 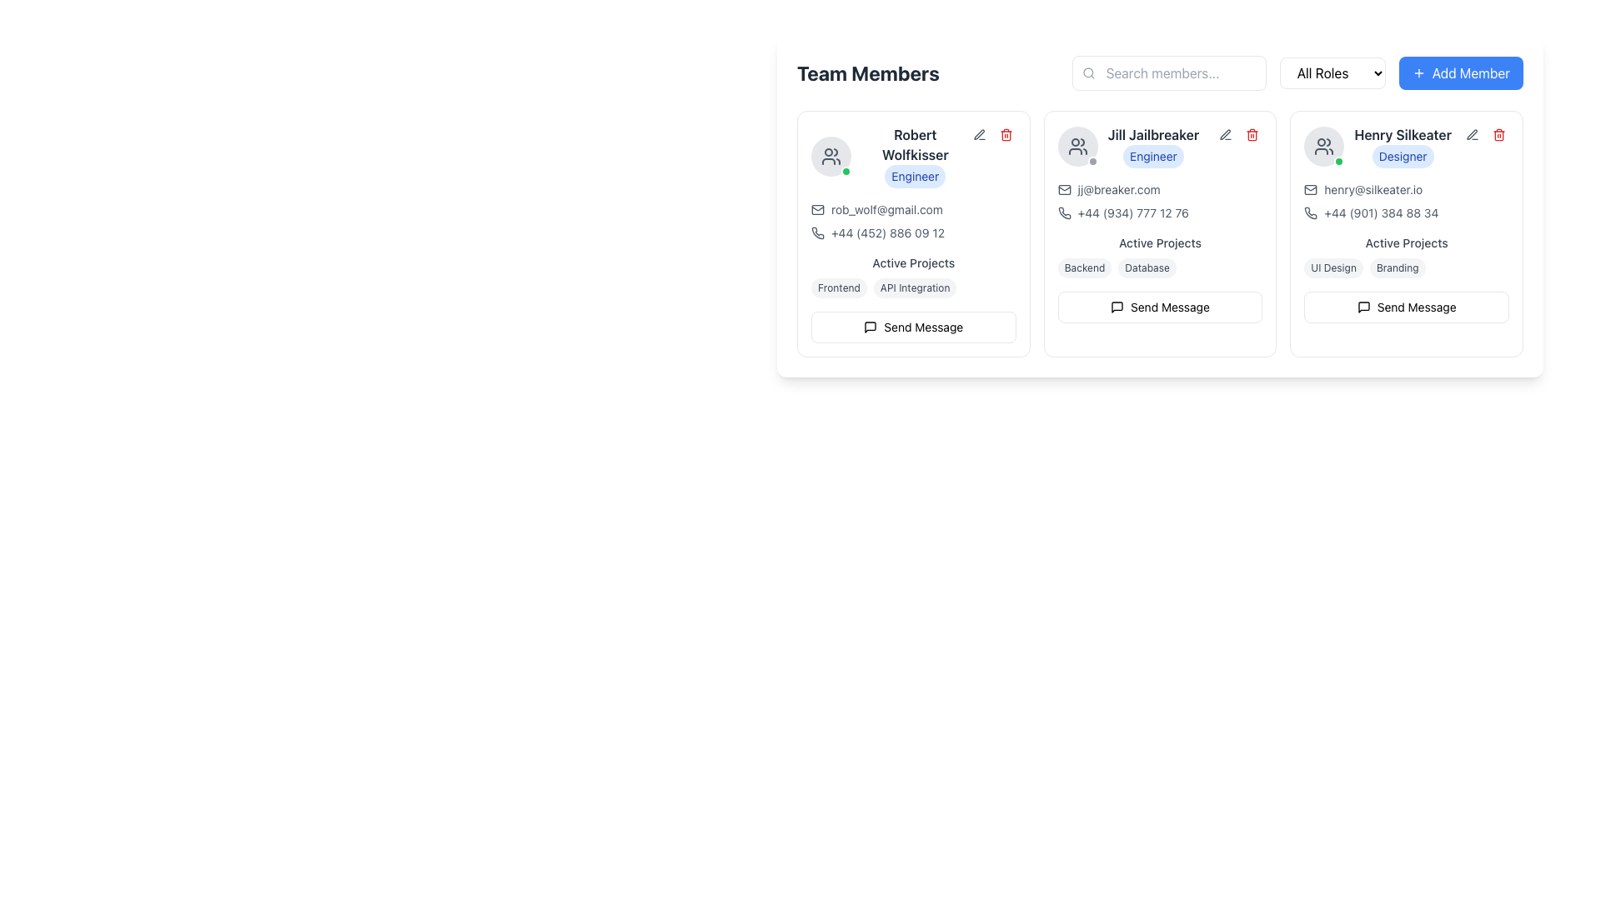 I want to click on the envelope icon located to the left of the email address 'henry@silkeater.io' in the user profile section labeled 'Henry Silkeater', so click(x=1310, y=188).